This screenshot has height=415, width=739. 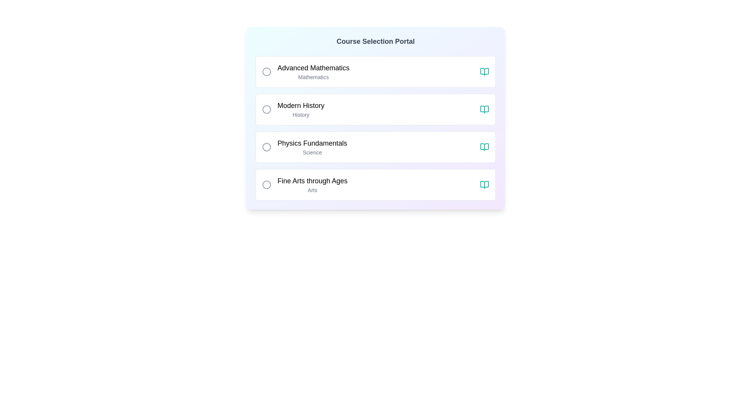 I want to click on the selectable item with a radio button labeled 'Fine Arts through Ages', so click(x=375, y=185).